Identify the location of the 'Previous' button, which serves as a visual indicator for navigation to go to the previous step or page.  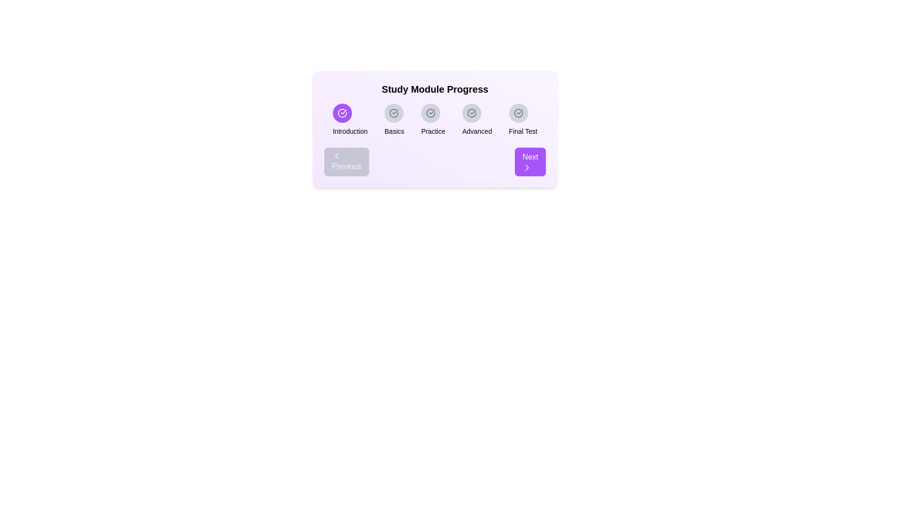
(337, 156).